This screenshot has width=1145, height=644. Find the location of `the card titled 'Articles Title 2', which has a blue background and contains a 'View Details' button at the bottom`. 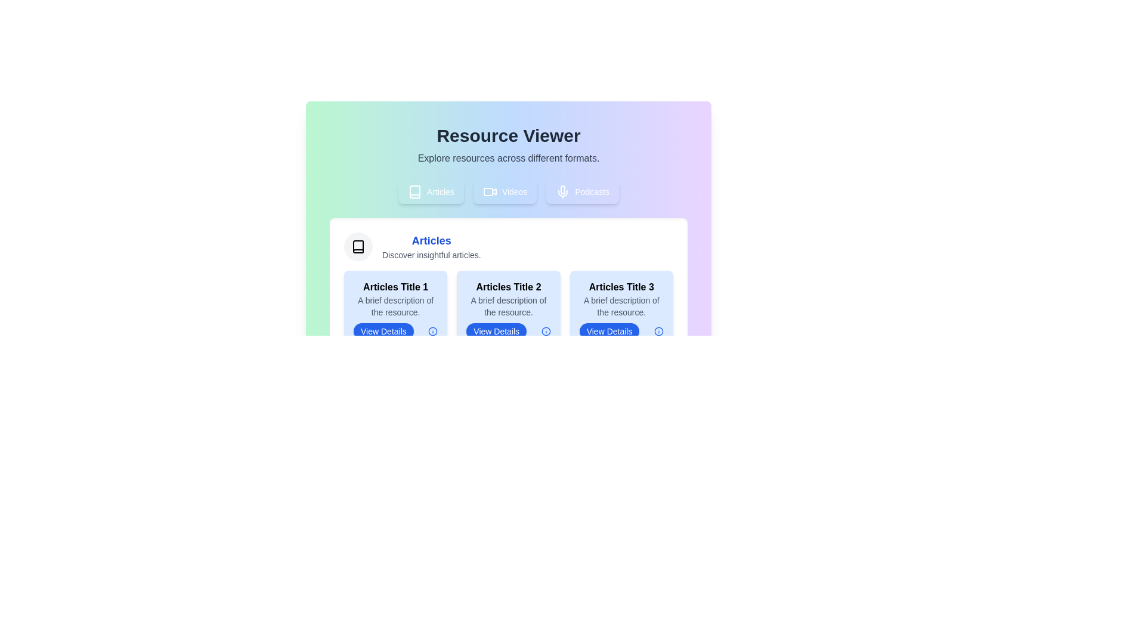

the card titled 'Articles Title 2', which has a blue background and contains a 'View Details' button at the bottom is located at coordinates (509, 309).